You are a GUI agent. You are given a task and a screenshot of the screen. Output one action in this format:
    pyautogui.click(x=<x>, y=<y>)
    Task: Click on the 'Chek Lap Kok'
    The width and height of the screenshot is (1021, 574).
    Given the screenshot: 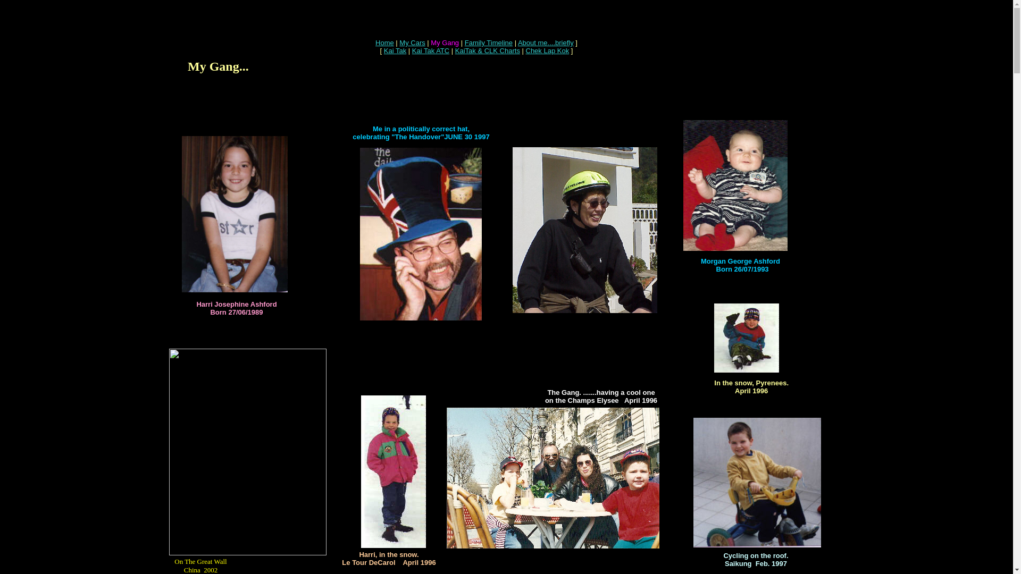 What is the action you would take?
    pyautogui.click(x=525, y=50)
    